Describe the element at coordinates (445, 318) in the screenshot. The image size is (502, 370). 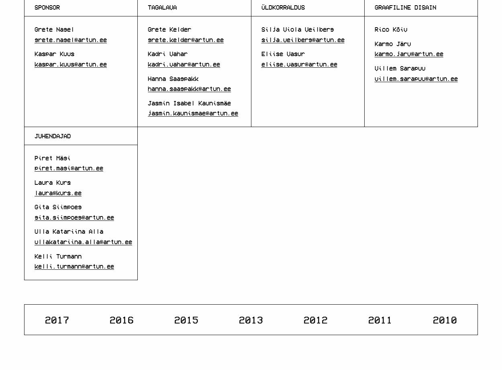
I see `'2010'` at that location.